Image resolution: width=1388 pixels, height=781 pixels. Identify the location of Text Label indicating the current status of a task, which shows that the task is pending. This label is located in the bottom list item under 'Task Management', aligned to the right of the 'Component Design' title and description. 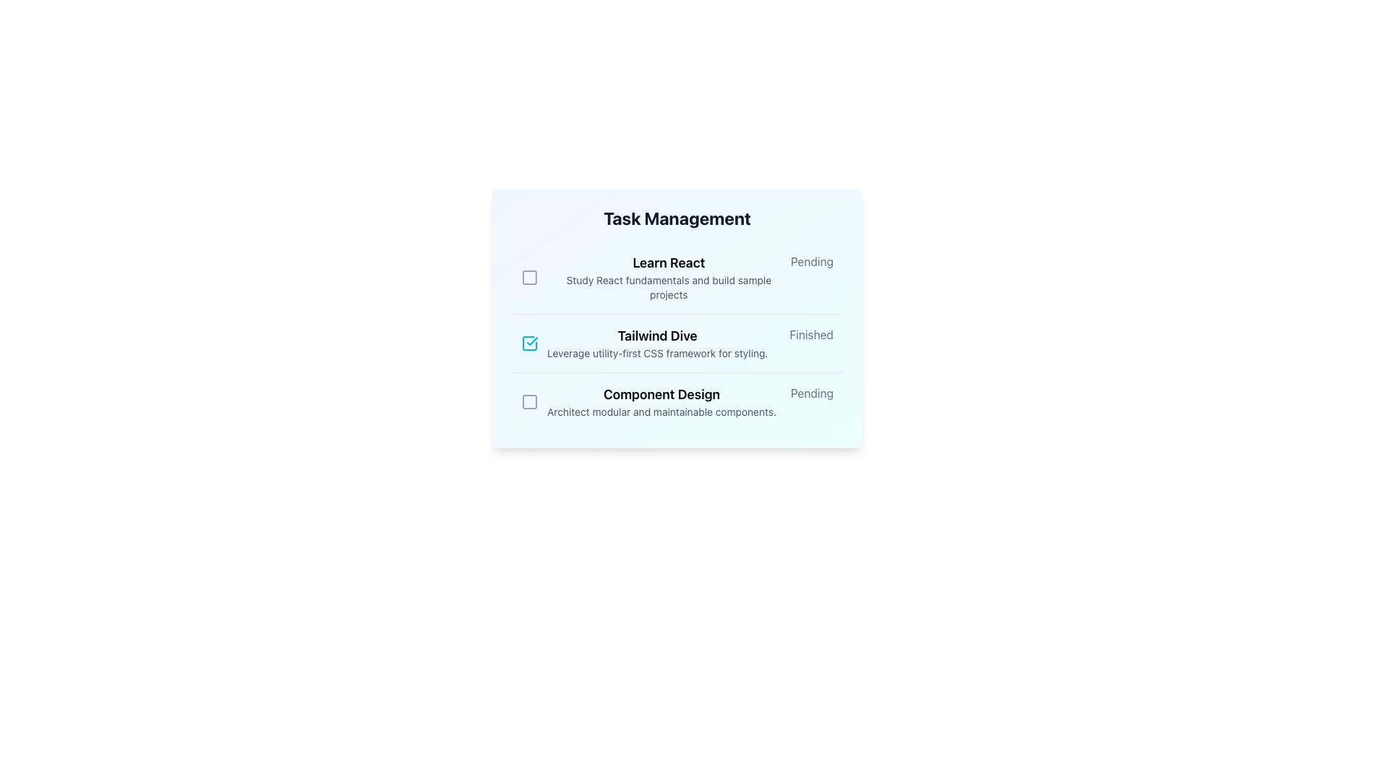
(812, 393).